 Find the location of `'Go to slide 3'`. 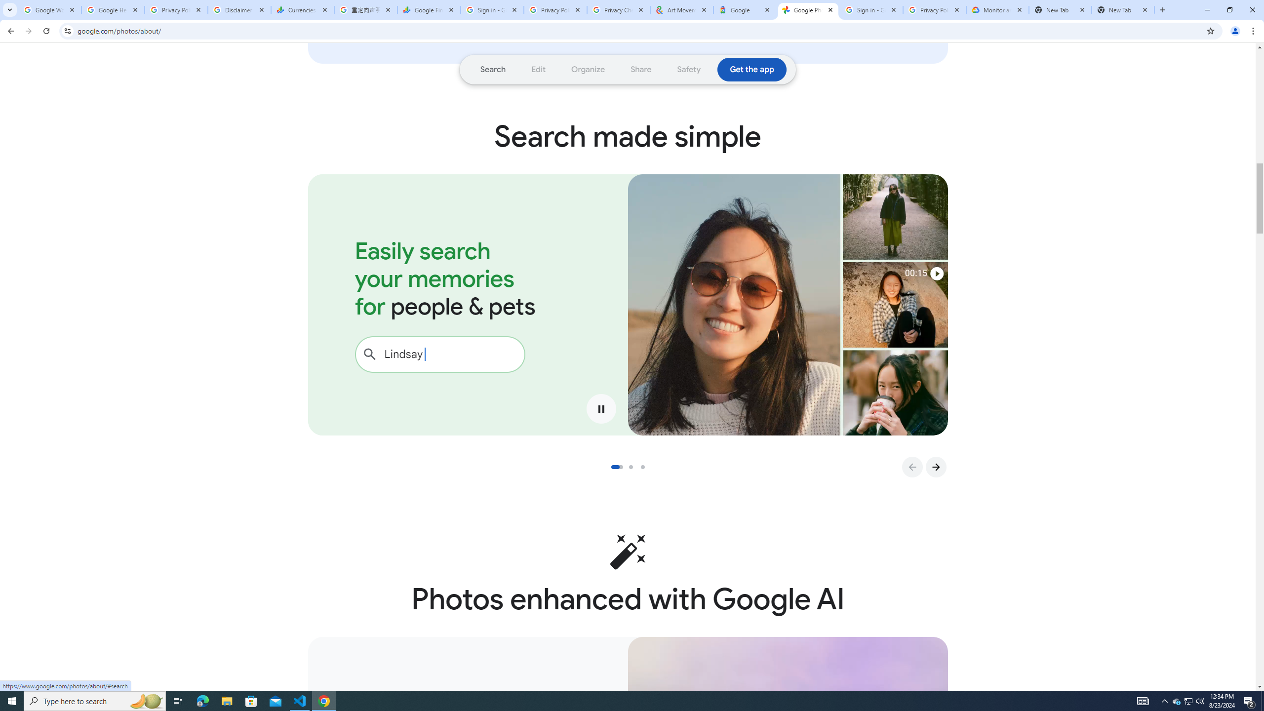

'Go to slide 3' is located at coordinates (646, 467).